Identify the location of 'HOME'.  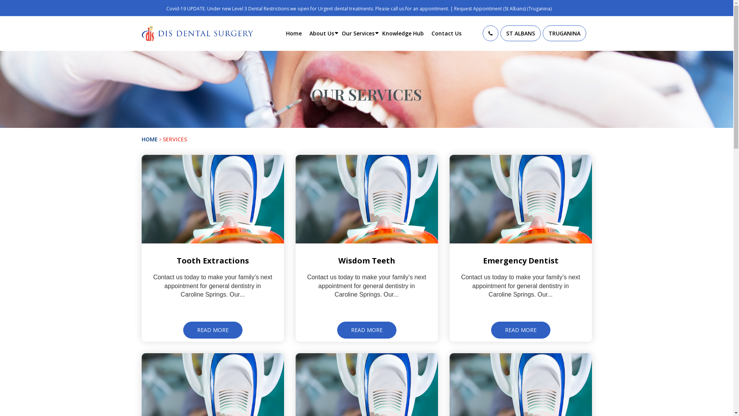
(149, 139).